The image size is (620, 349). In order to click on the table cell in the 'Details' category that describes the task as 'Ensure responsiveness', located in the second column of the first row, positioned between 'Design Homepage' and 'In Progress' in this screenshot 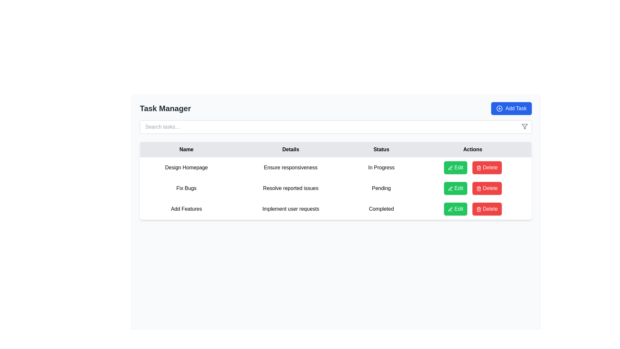, I will do `click(290, 167)`.